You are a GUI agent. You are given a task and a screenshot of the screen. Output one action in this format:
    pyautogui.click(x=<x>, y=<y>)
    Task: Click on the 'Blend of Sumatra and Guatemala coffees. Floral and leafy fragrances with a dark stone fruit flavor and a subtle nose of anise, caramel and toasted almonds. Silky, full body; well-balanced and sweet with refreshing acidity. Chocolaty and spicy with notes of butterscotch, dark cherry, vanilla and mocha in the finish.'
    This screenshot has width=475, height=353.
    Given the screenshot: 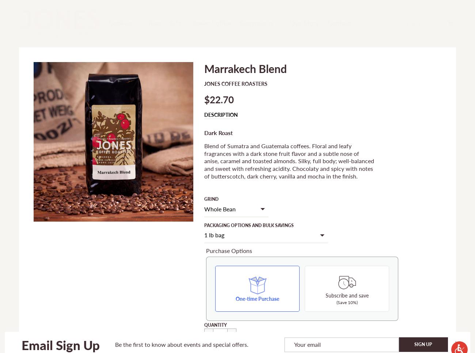 What is the action you would take?
    pyautogui.click(x=289, y=160)
    